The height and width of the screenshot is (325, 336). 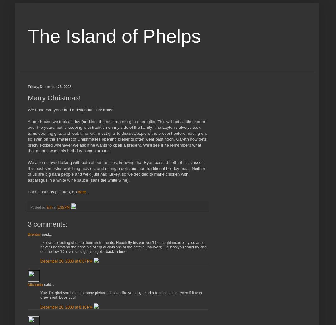 I want to click on 'December 26, 2008 at 8:16 PM', so click(x=67, y=307).